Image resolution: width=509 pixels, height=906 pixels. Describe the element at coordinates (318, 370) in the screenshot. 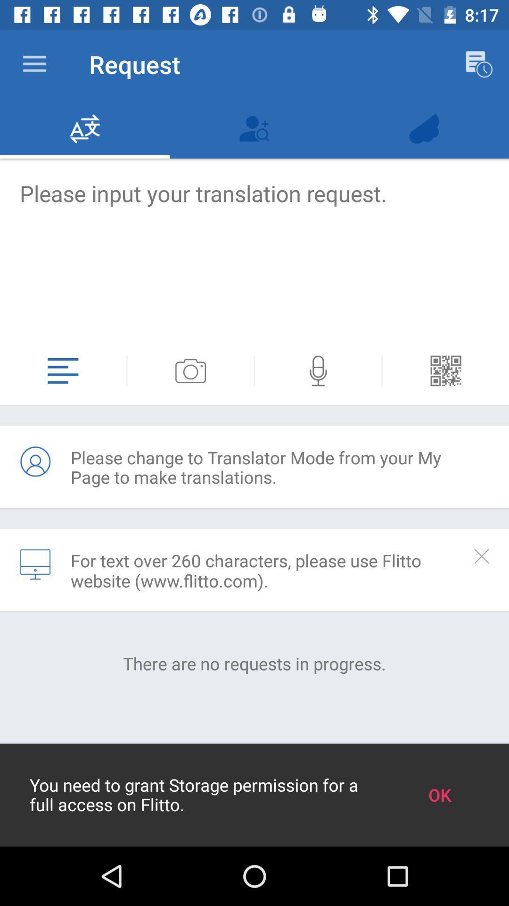

I see `voice option button` at that location.